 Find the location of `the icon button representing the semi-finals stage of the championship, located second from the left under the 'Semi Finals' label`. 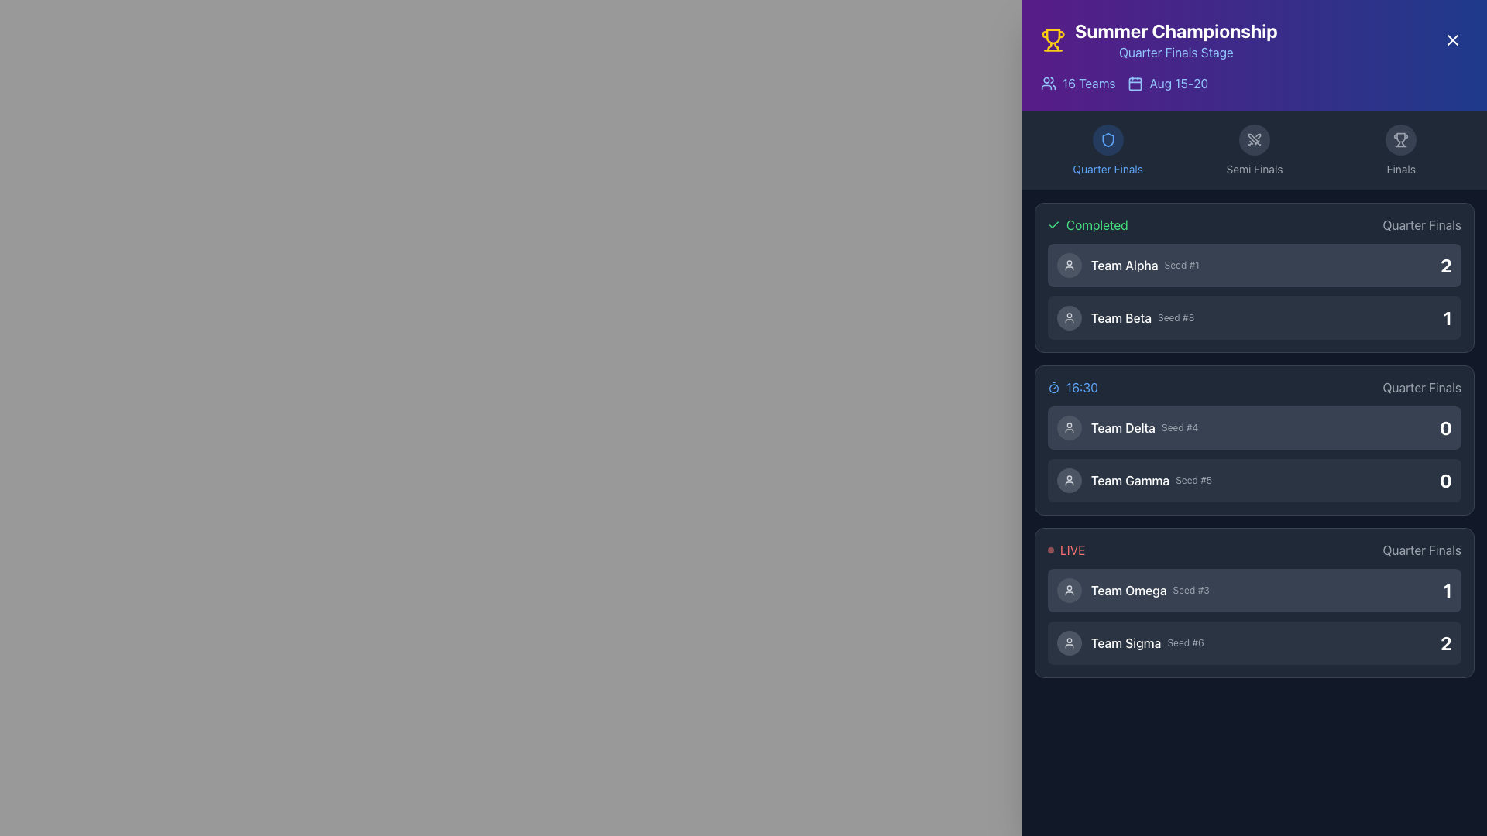

the icon button representing the semi-finals stage of the championship, located second from the left under the 'Semi Finals' label is located at coordinates (1253, 140).